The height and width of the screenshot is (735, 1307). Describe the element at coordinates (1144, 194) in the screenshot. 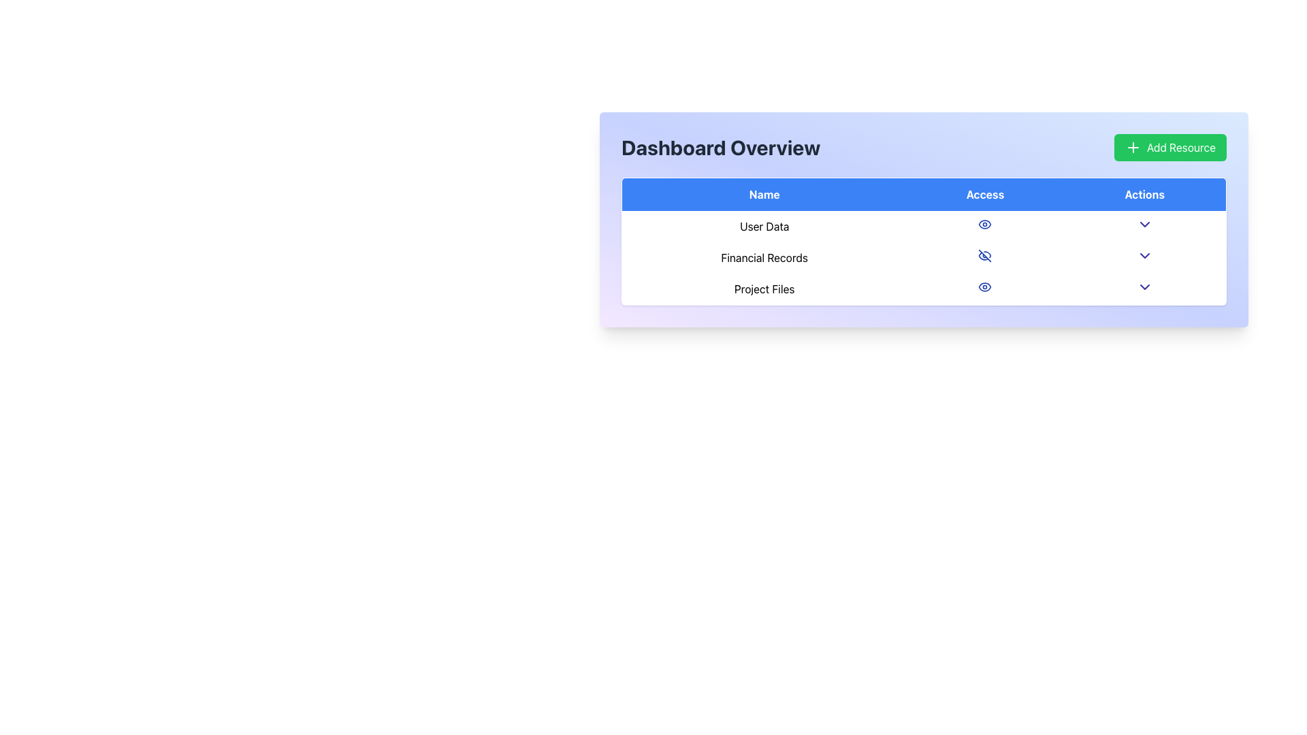

I see `the 'Actions' table header cell, which is a rectangular button labeled 'Actions' in a blue header bar of a table, located in the top-right area of the data grid on the dashboard interface` at that location.